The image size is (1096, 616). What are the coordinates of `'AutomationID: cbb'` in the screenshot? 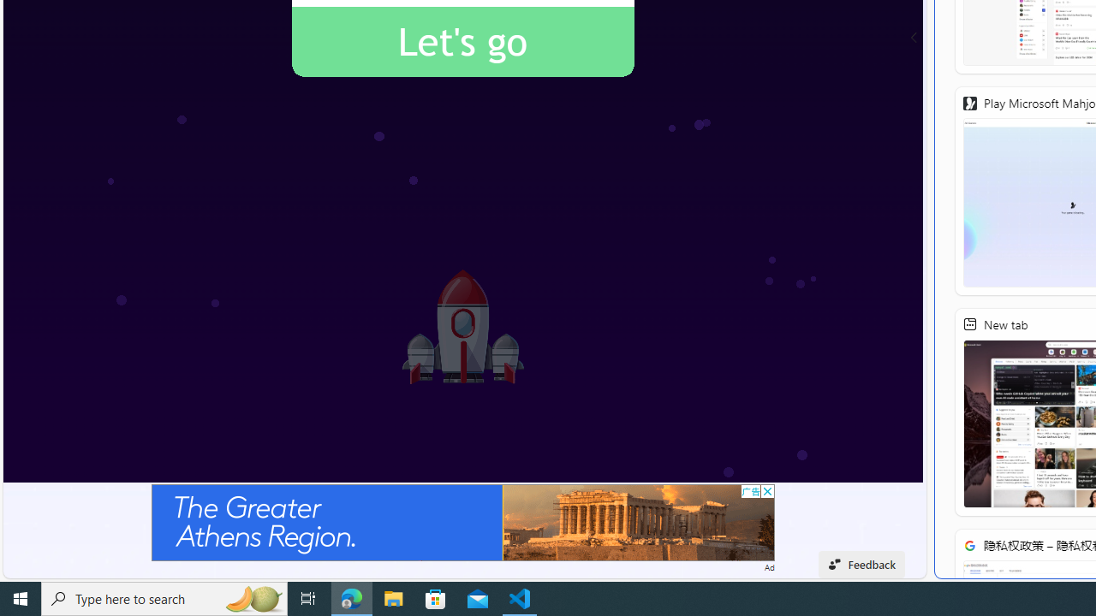 It's located at (766, 491).